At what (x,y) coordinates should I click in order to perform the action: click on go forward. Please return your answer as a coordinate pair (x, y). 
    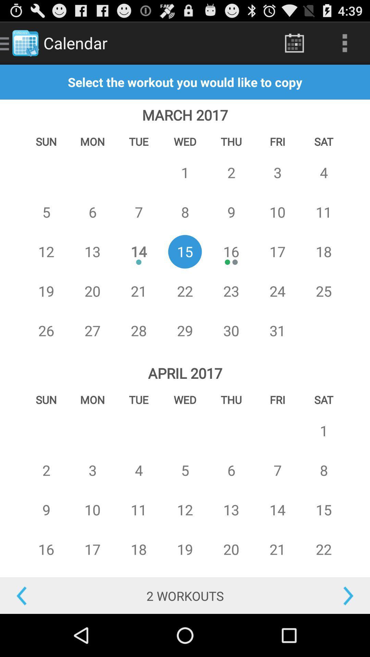
    Looking at the image, I should click on (324, 595).